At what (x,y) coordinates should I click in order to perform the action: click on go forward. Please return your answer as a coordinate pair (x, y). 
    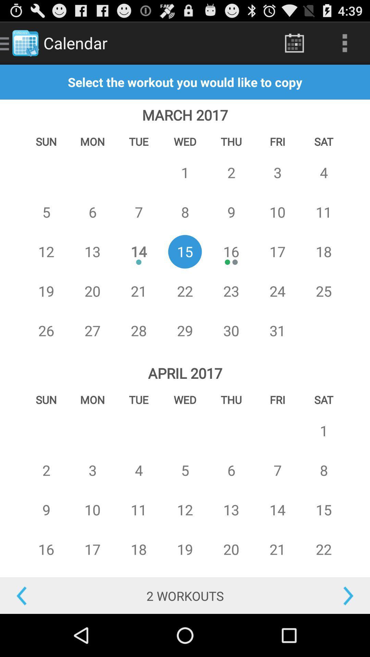
    Looking at the image, I should click on (324, 595).